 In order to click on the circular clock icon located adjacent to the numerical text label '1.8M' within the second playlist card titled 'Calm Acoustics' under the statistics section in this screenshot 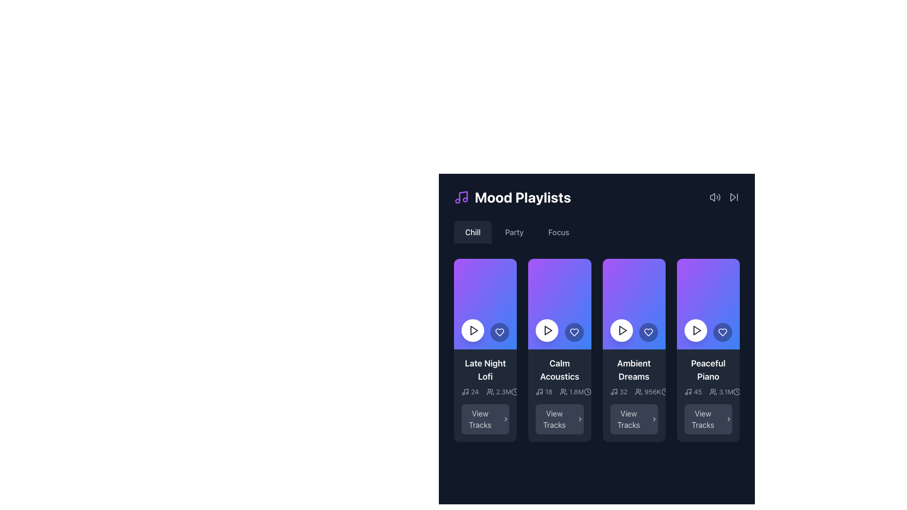, I will do `click(587, 391)`.